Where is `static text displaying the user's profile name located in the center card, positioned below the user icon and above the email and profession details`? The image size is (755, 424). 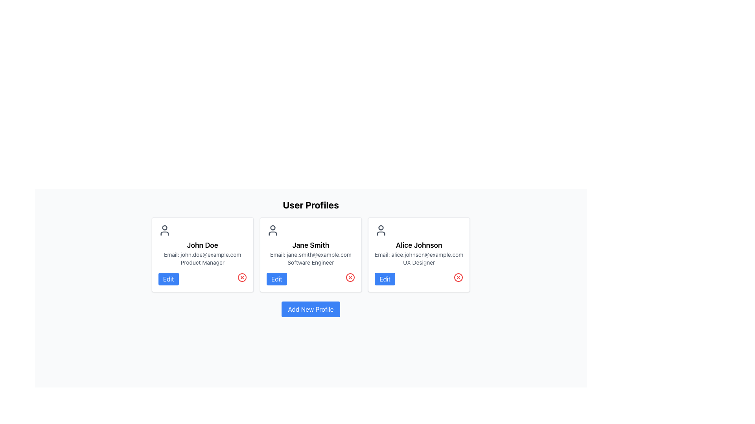 static text displaying the user's profile name located in the center card, positioned below the user icon and above the email and profession details is located at coordinates (310, 245).